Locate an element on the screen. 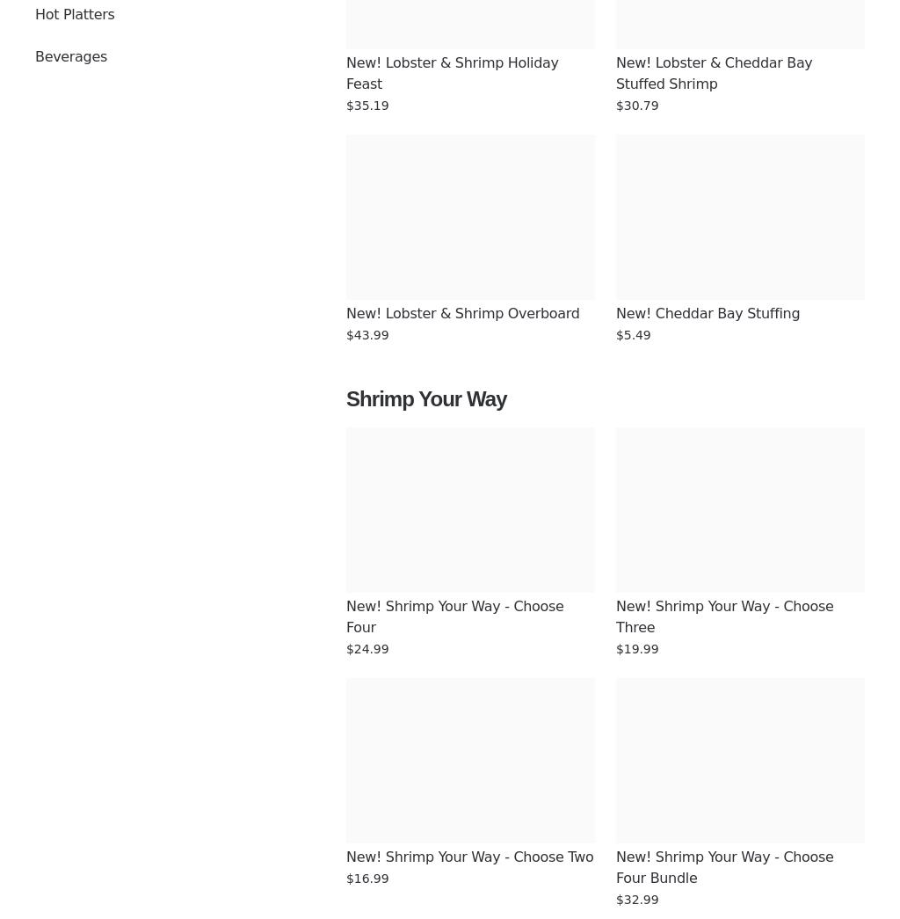 The height and width of the screenshot is (919, 900). '$5.49' is located at coordinates (633, 334).